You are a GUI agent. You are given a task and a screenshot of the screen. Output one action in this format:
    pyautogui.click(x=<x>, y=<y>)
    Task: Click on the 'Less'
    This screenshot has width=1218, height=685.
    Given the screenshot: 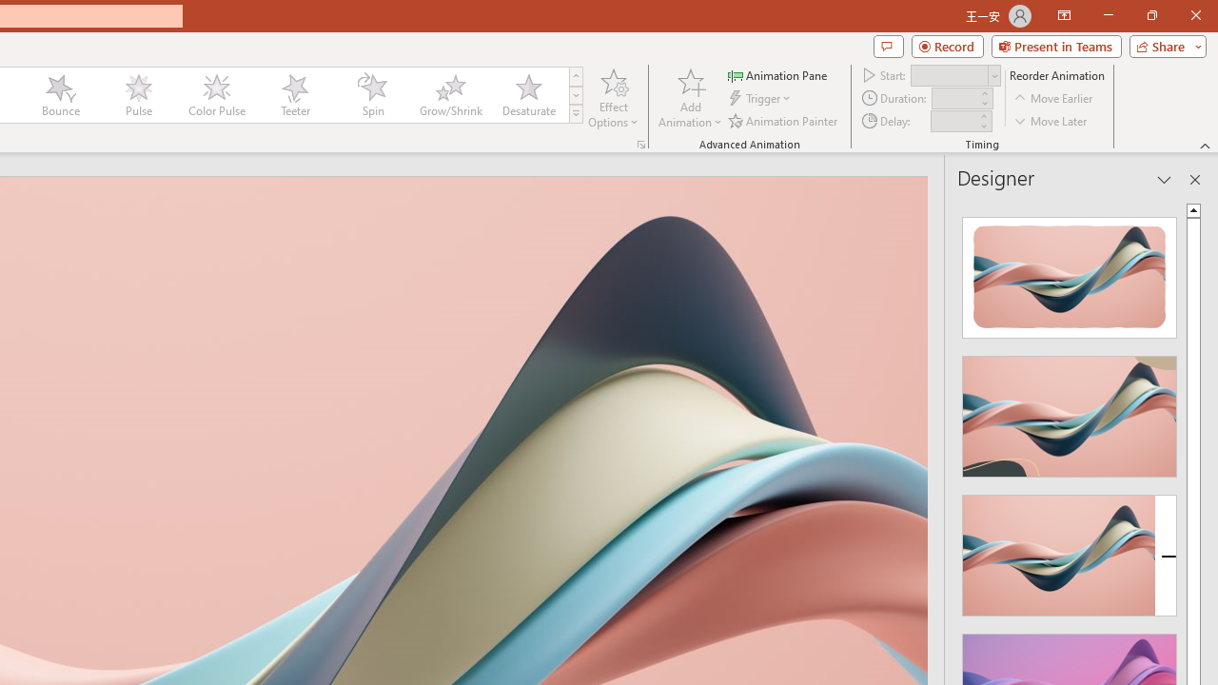 What is the action you would take?
    pyautogui.click(x=983, y=126)
    